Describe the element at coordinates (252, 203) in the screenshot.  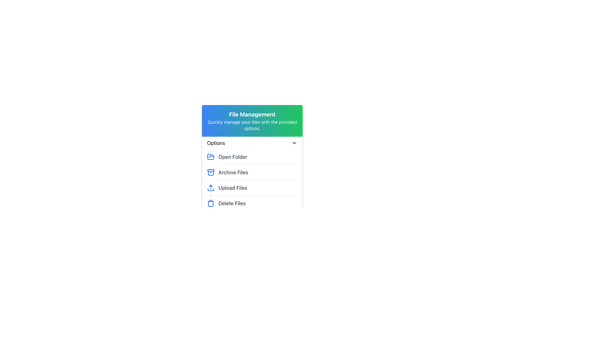
I see `the menu option for deleting files, which is the fourth entry in the vertical list located at the bottom under 'Open Folder', 'Archive Files', and 'Upload Files'` at that location.